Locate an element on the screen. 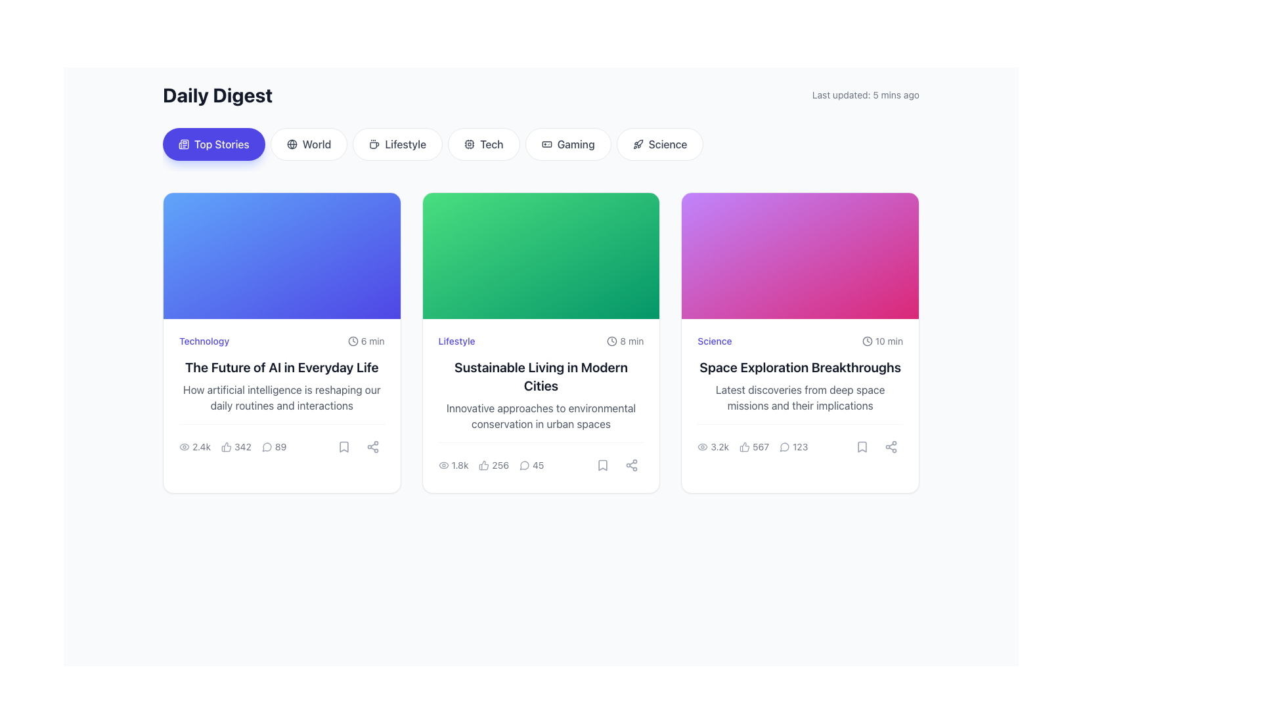  the decorative icon that represents the 'Lifestyle' category in the navigation menu, located to the left of the 'Lifestyle' text is located at coordinates (374, 144).